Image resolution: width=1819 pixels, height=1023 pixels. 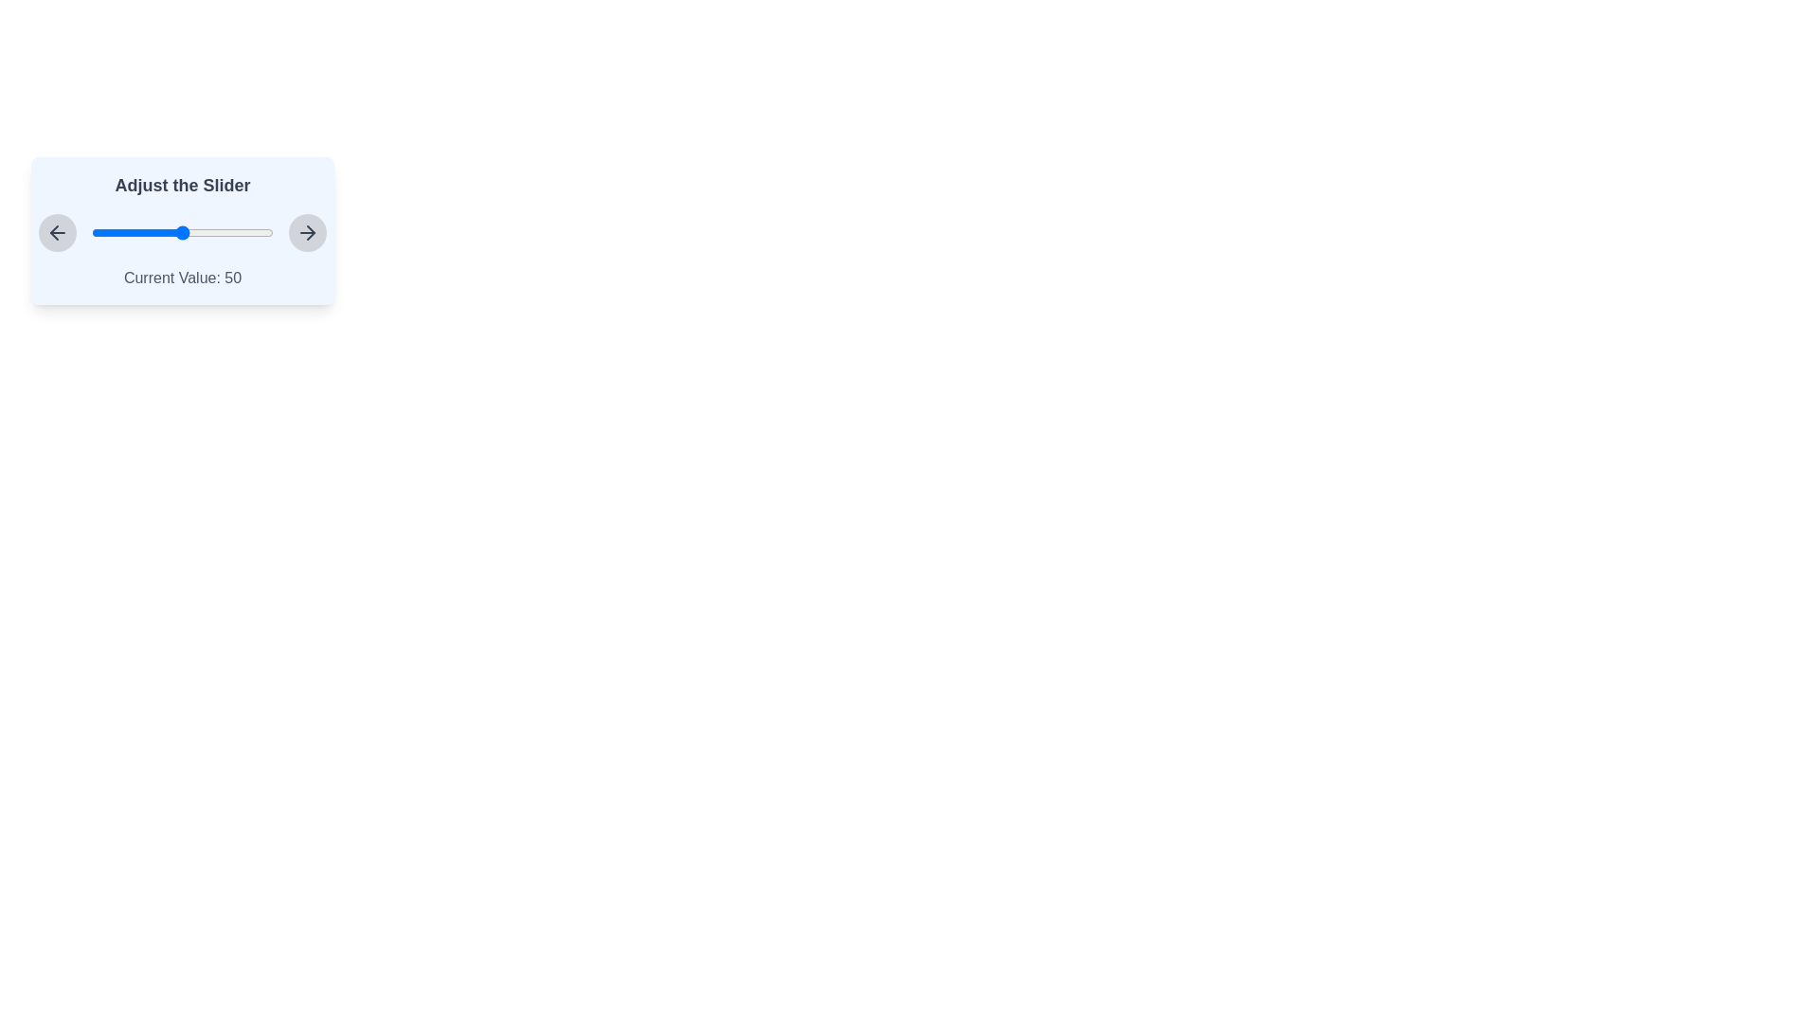 What do you see at coordinates (141, 232) in the screenshot?
I see `the slider` at bounding box center [141, 232].